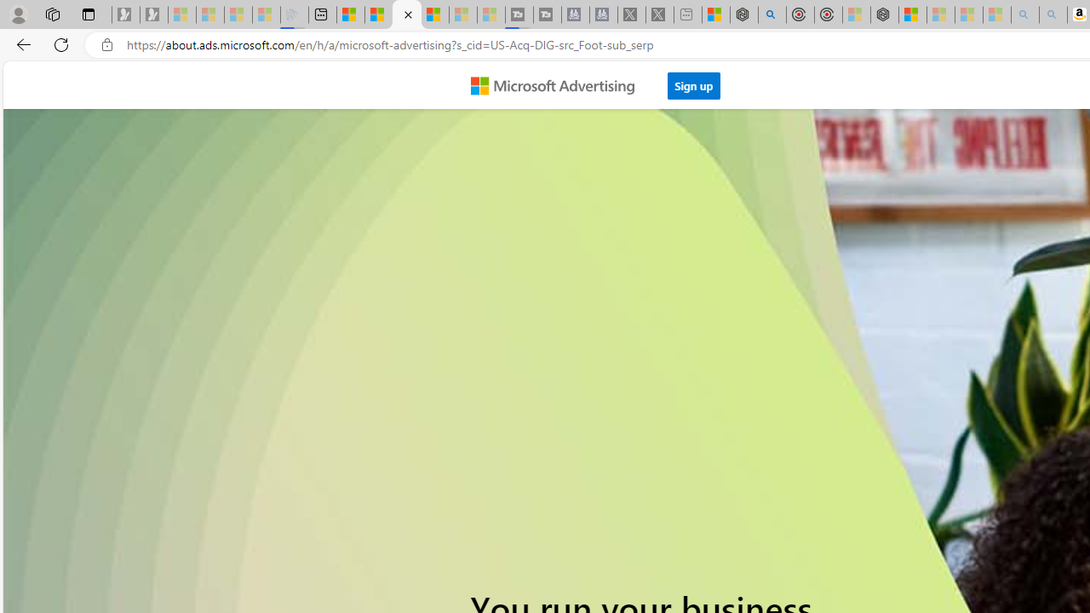  I want to click on 'Microsoft Advertising', so click(559, 84).